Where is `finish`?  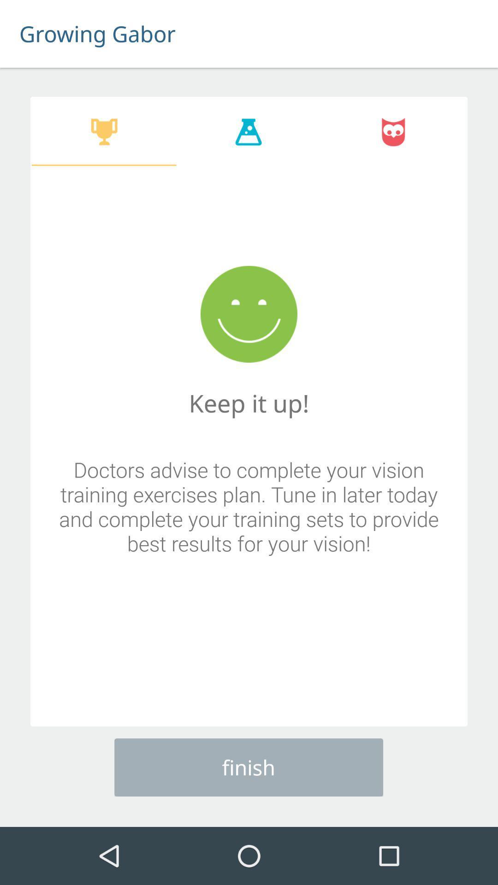
finish is located at coordinates (248, 767).